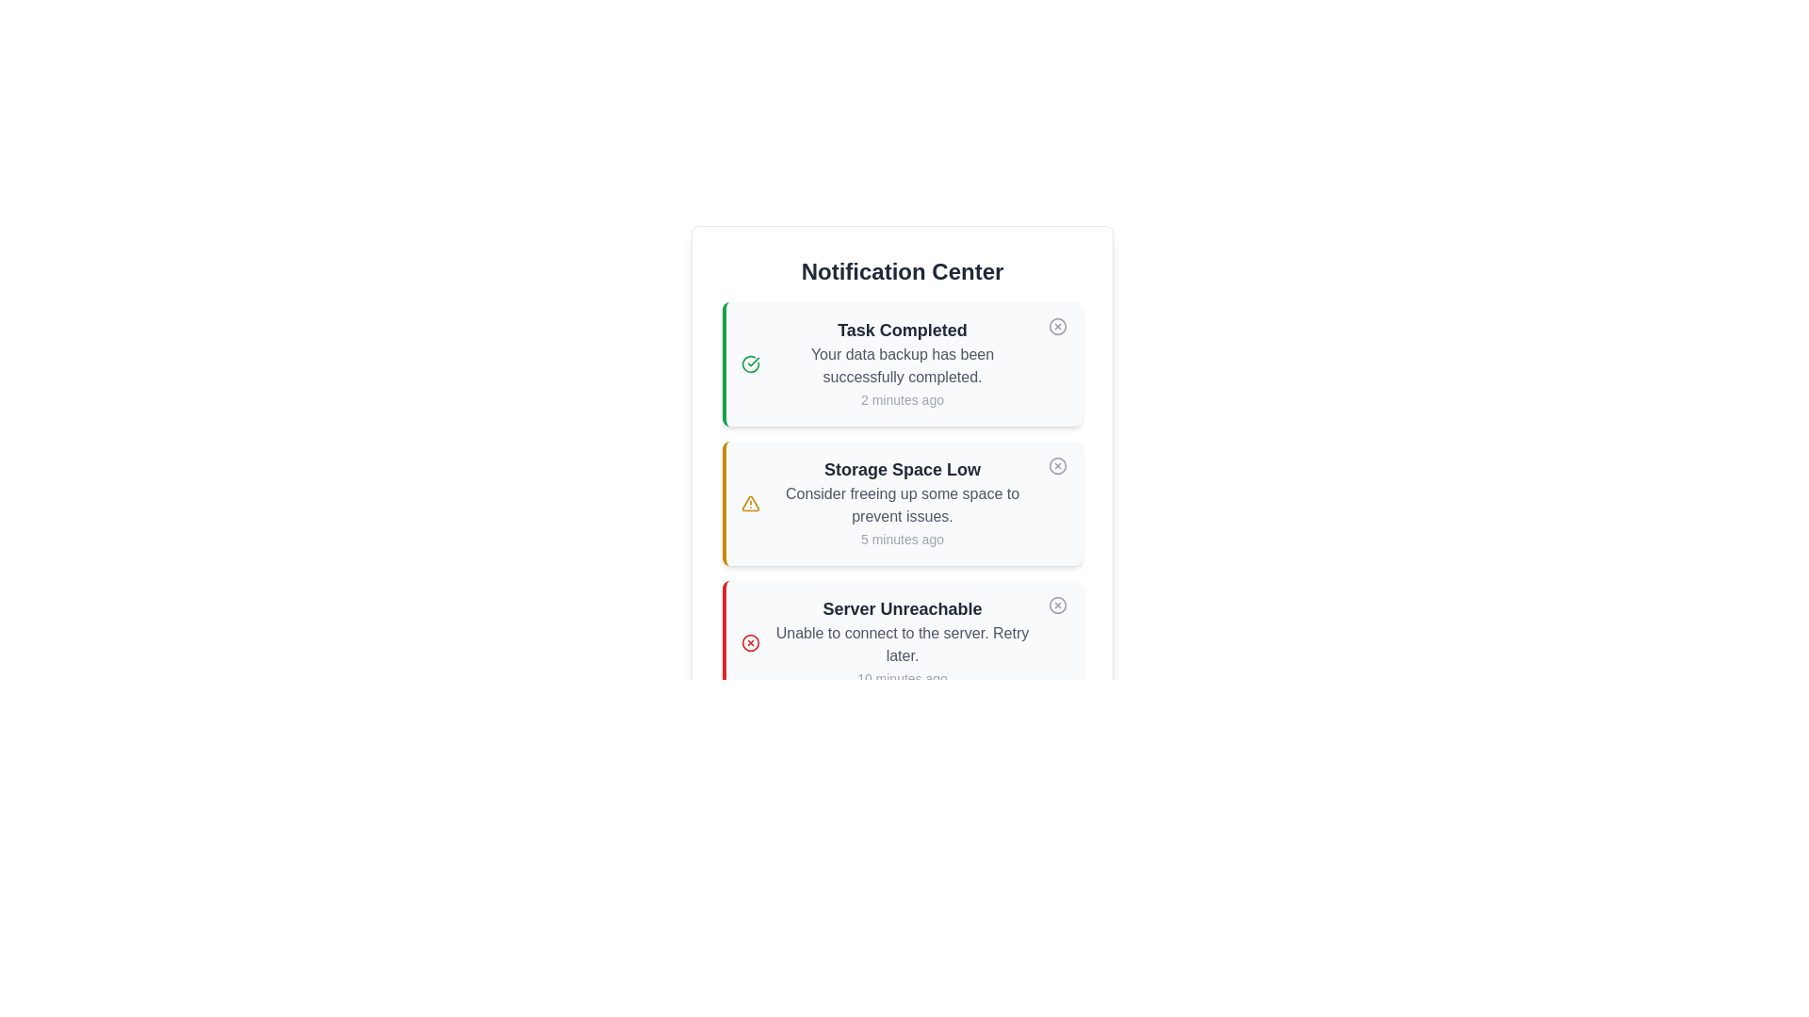  What do you see at coordinates (902, 540) in the screenshot?
I see `the timestamp indicator text label located at the lower right corner of the notification titled 'Storage Space Low', which provides information on when the notification was created or last updated` at bounding box center [902, 540].